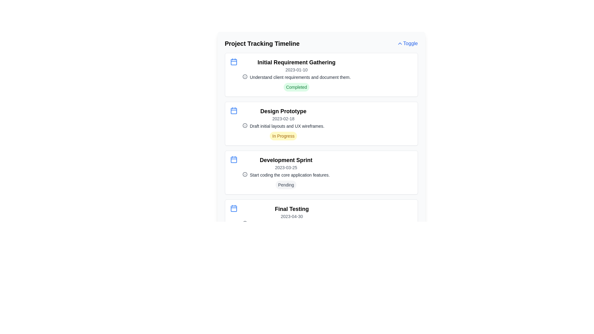  I want to click on the 'In Progress' status indicator badge located under the 'Design Prototype' section of the timeline, which is the second item in the vertical list, so click(283, 135).